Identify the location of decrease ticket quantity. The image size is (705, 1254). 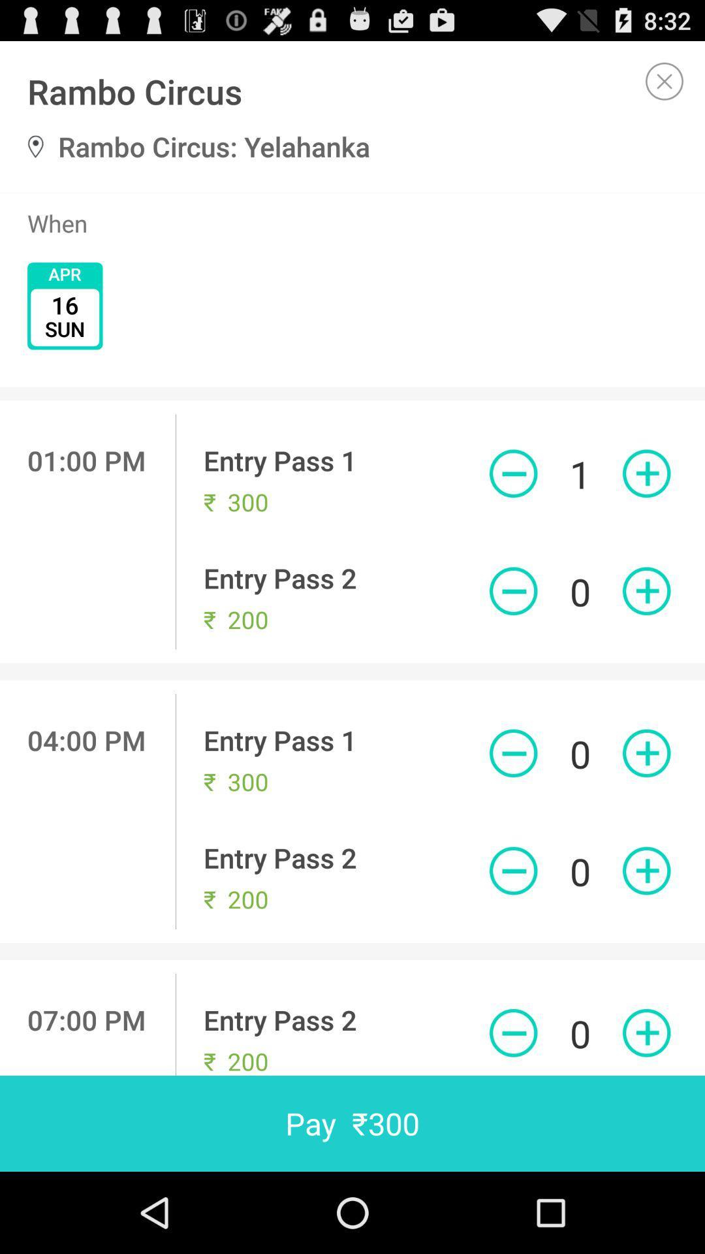
(512, 473).